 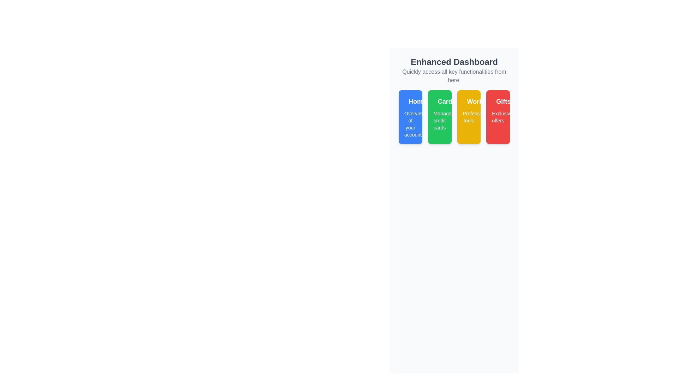 What do you see at coordinates (469, 116) in the screenshot?
I see `text providing additional information about the card's purpose, located centrally within the third yellow card from the left, directly below the main label 'Work'` at bounding box center [469, 116].